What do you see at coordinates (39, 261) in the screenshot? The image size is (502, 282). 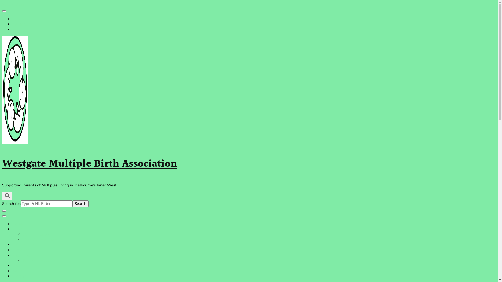 I see `'Fun With Multiples'` at bounding box center [39, 261].